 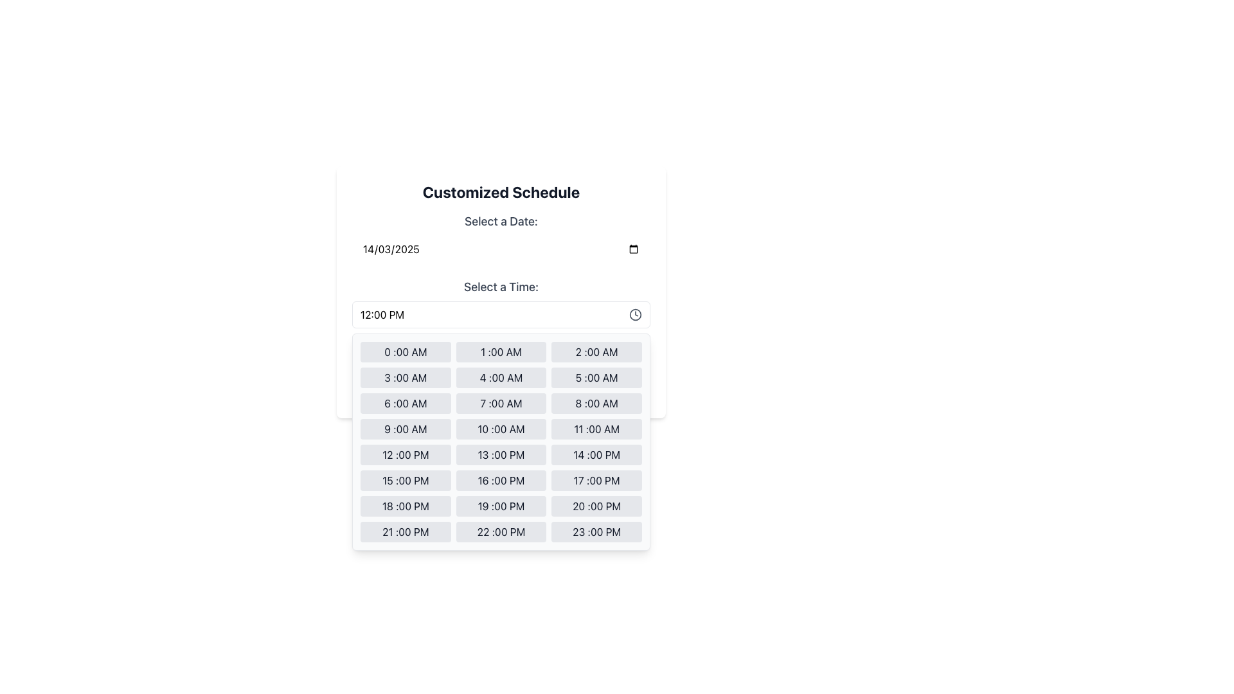 I want to click on the button in the first column of the last row in the time picker grid, so click(x=405, y=481).